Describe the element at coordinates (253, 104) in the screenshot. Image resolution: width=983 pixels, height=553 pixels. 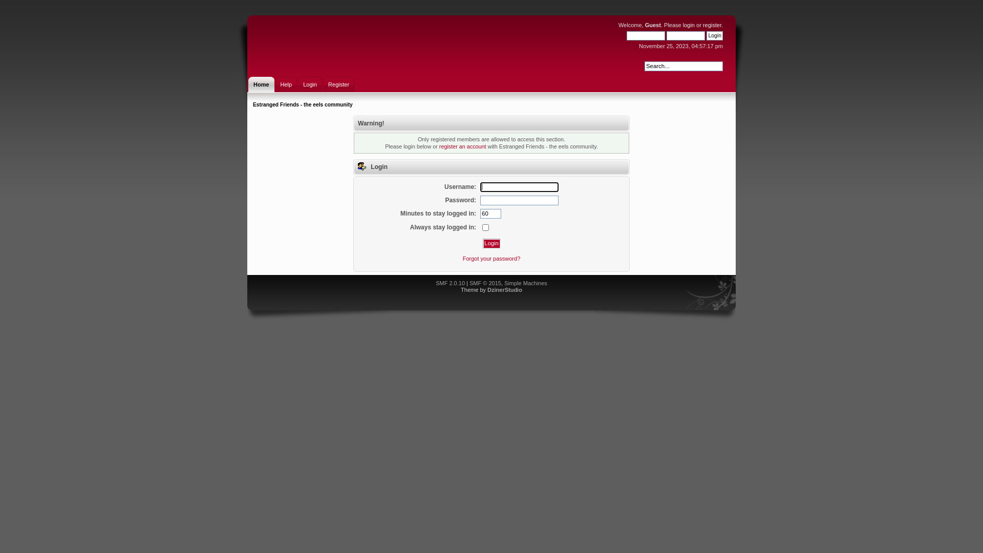
I see `'Estranged Friends - the eels community'` at that location.